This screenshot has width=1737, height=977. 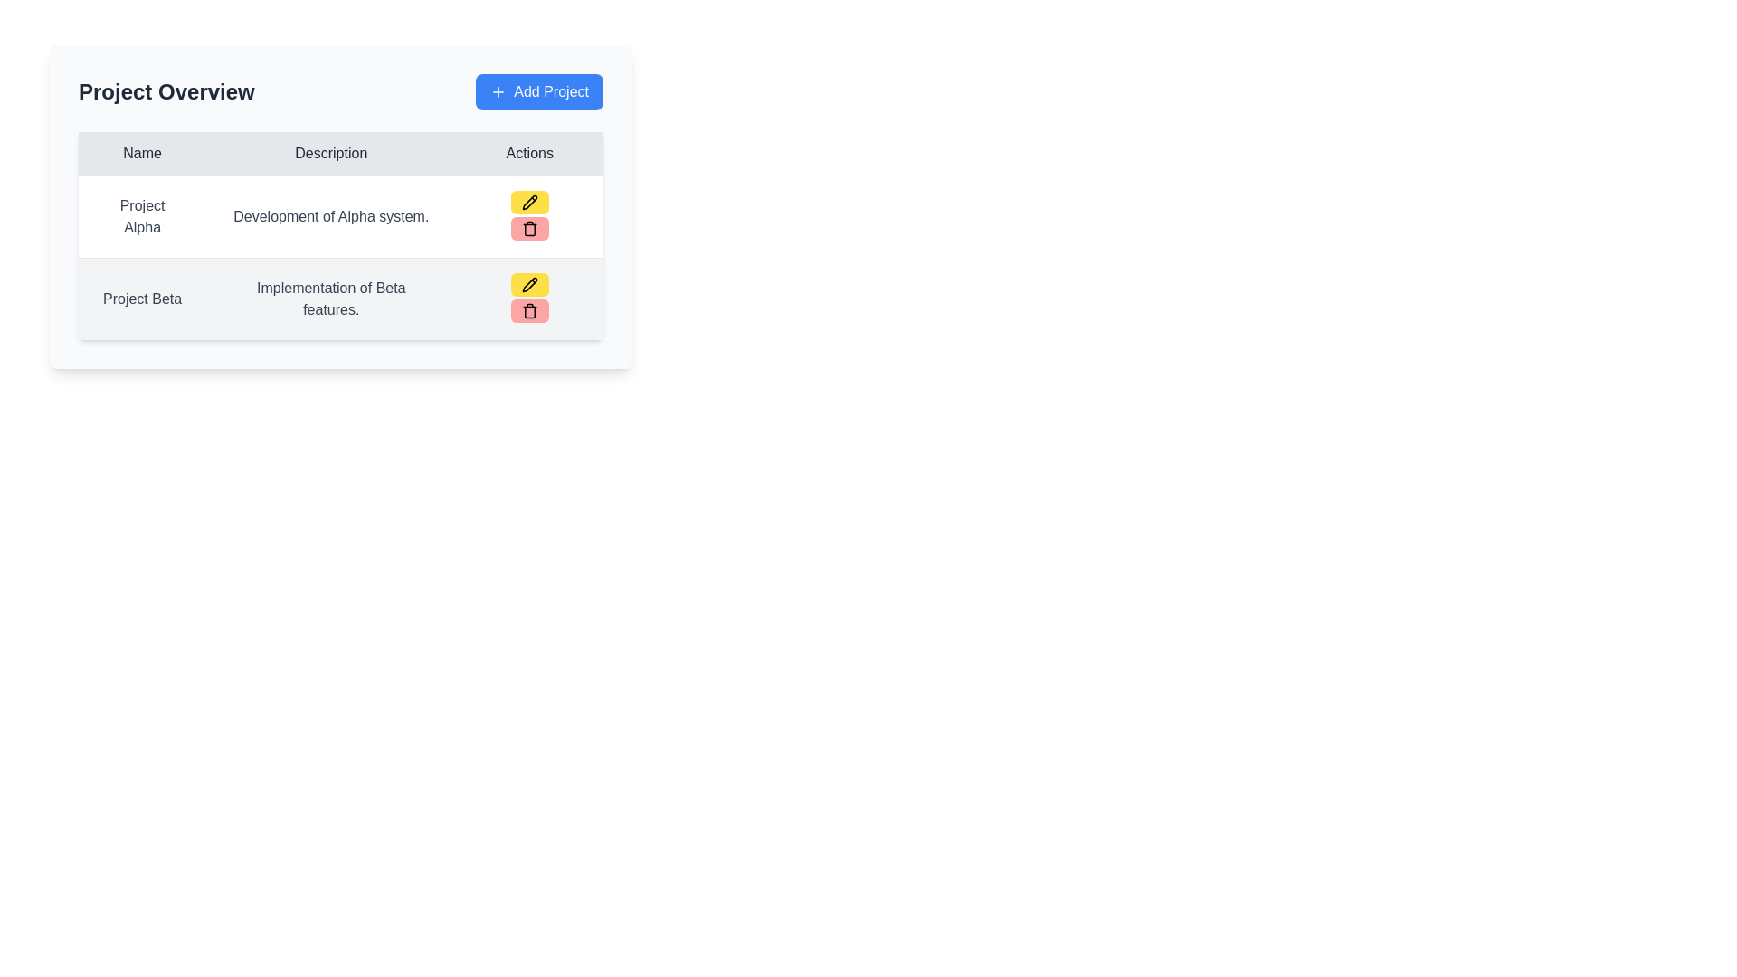 What do you see at coordinates (341, 215) in the screenshot?
I see `the first row of the project table displaying 'Project Alpha' and 'Development of Alpha system.'` at bounding box center [341, 215].